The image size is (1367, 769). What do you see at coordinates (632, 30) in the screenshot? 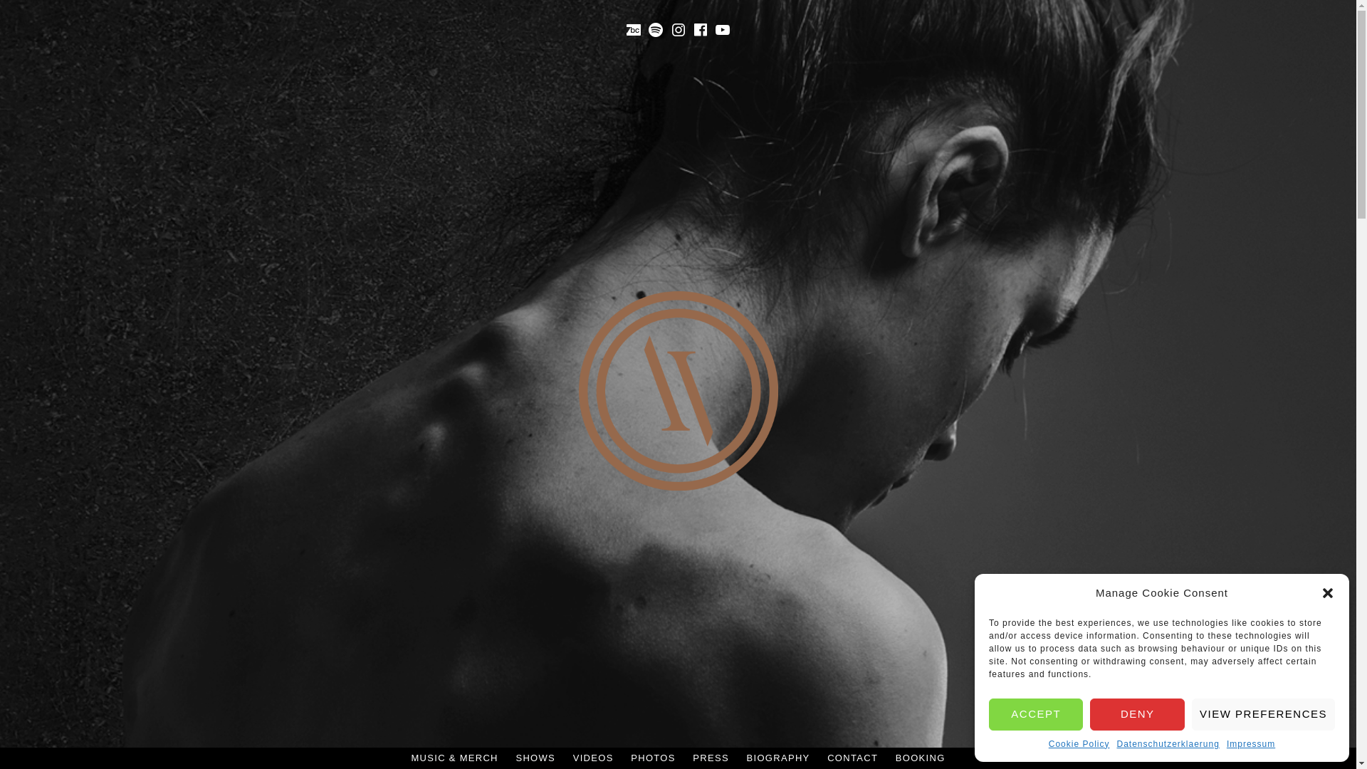
I see `'Bandcamp'` at bounding box center [632, 30].